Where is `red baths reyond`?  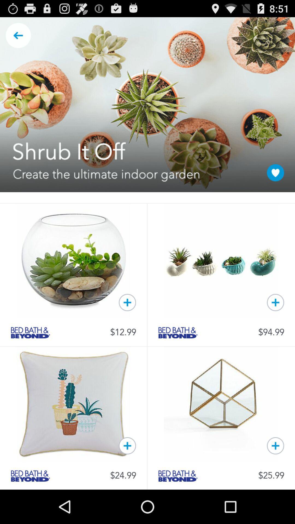 red baths reyond is located at coordinates (178, 476).